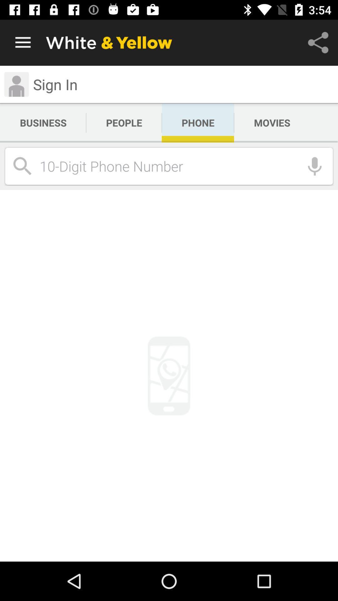 The image size is (338, 601). Describe the element at coordinates (272, 123) in the screenshot. I see `movies` at that location.